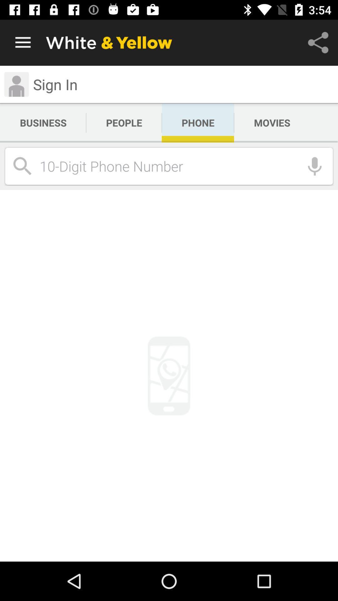 The image size is (338, 601). Describe the element at coordinates (272, 123) in the screenshot. I see `movies` at that location.